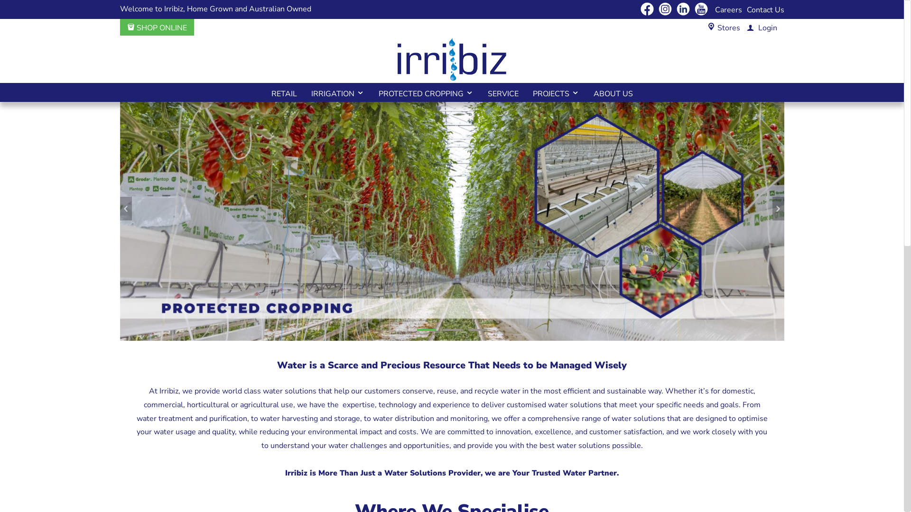  I want to click on 'Careers', so click(727, 9).